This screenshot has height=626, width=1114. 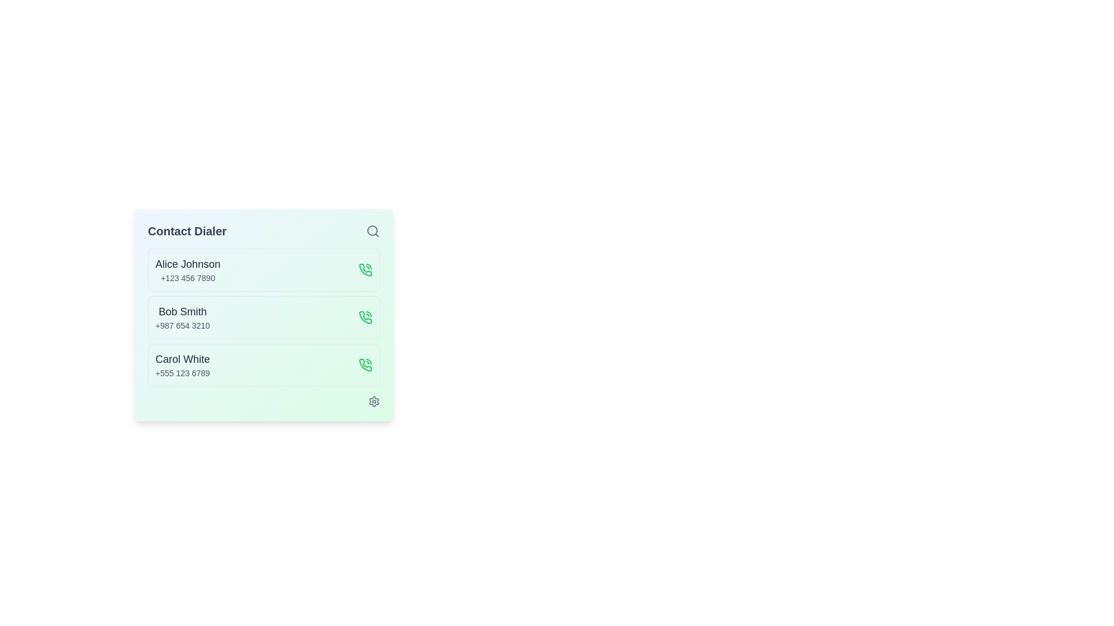 I want to click on the phone call icon associated with the contact 'Alice Johnson', so click(x=364, y=270).